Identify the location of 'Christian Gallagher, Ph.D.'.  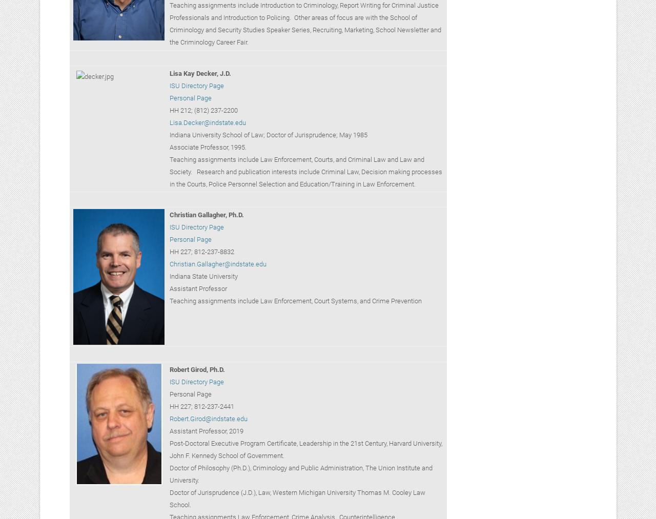
(169, 214).